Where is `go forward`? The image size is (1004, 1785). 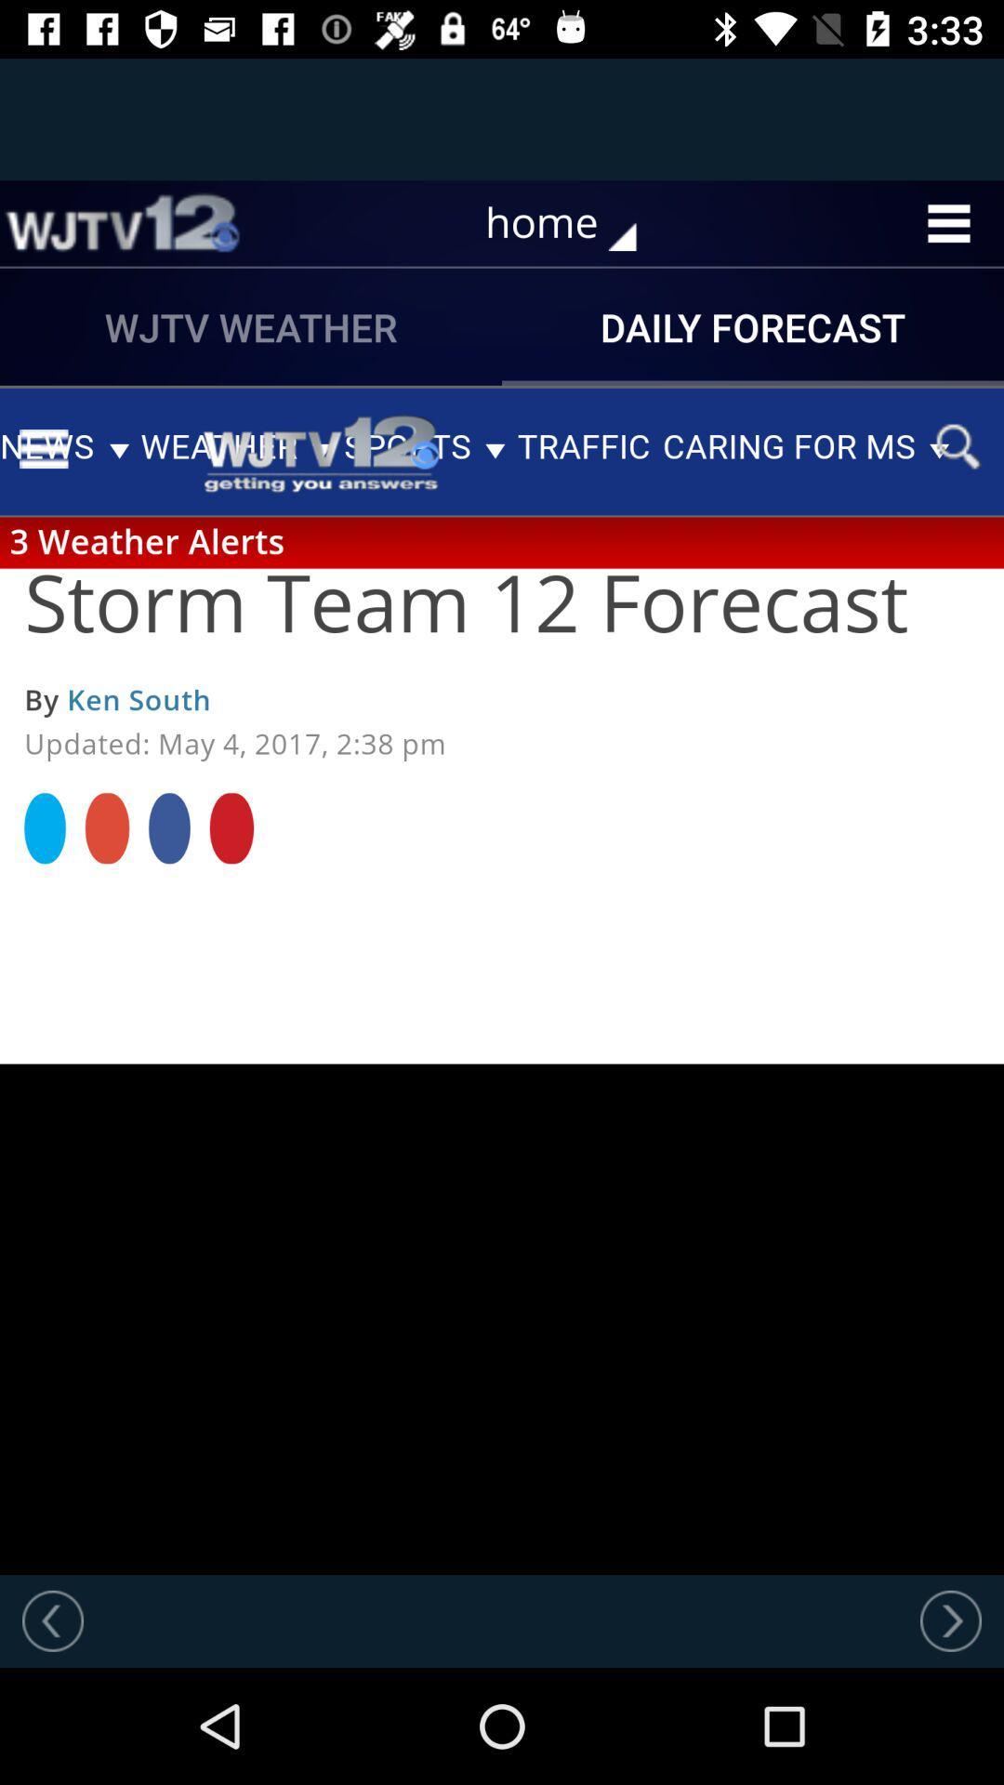 go forward is located at coordinates (950, 1620).